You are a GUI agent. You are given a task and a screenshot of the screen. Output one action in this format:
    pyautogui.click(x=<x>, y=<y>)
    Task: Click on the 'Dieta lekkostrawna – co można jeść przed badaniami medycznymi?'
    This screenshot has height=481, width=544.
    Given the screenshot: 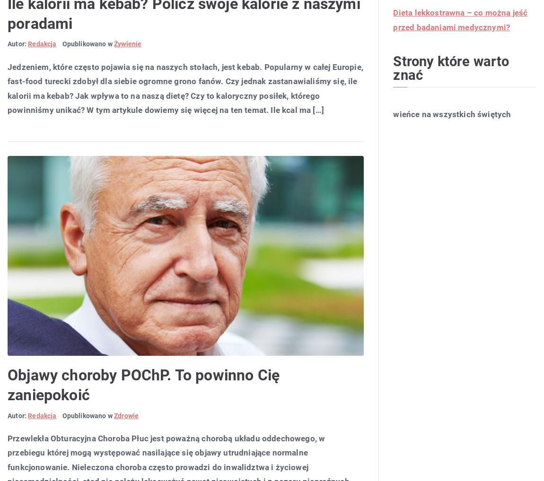 What is the action you would take?
    pyautogui.click(x=460, y=19)
    